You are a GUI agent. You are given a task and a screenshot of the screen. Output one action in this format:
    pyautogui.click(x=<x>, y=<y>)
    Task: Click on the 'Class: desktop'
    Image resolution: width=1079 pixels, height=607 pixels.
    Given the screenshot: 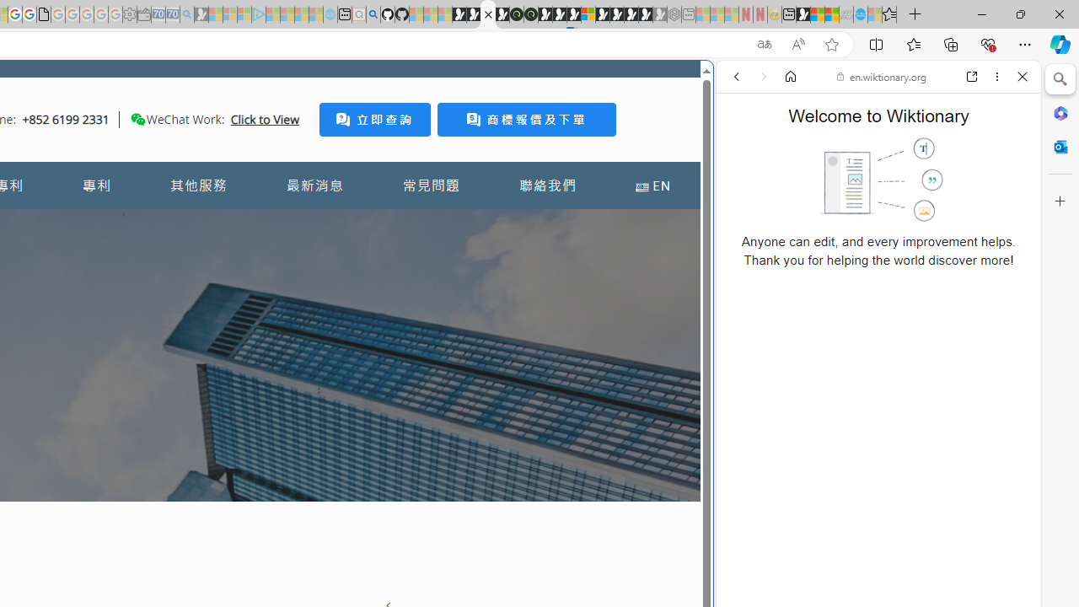 What is the action you would take?
    pyautogui.click(x=137, y=118)
    